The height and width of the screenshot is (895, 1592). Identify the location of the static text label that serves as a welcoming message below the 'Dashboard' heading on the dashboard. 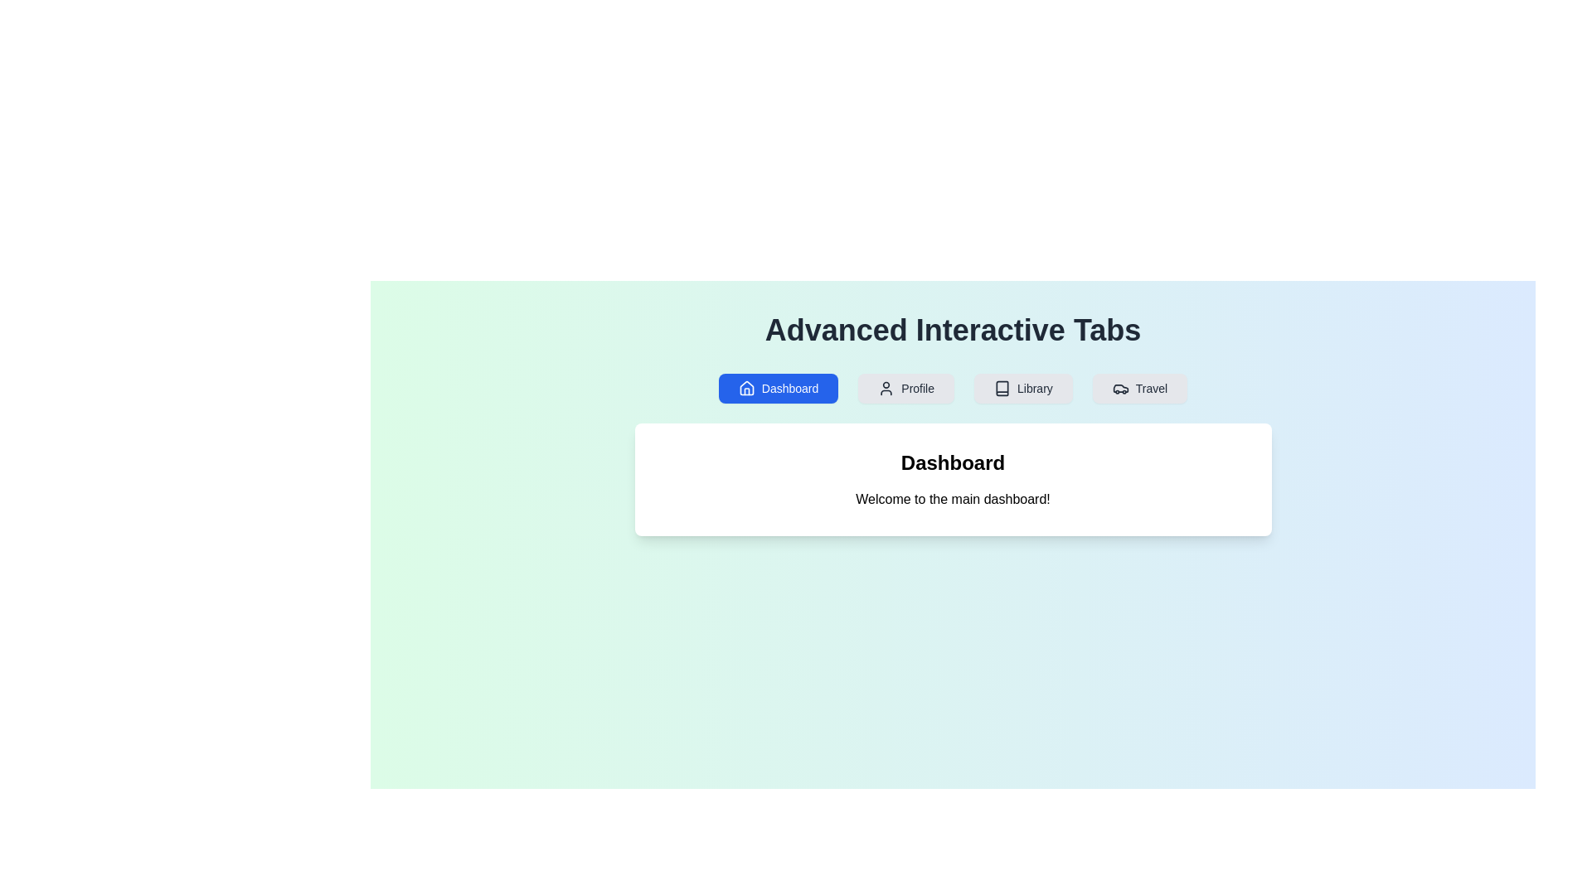
(953, 498).